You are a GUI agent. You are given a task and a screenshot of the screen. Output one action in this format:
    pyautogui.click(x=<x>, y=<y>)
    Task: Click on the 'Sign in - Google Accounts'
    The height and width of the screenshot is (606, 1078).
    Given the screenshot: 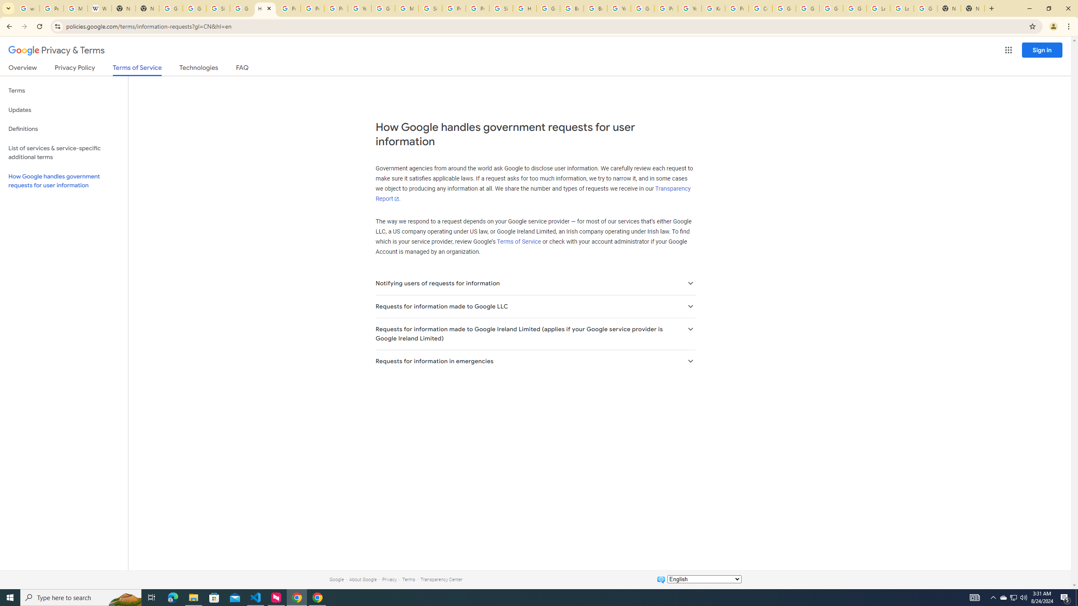 What is the action you would take?
    pyautogui.click(x=218, y=8)
    